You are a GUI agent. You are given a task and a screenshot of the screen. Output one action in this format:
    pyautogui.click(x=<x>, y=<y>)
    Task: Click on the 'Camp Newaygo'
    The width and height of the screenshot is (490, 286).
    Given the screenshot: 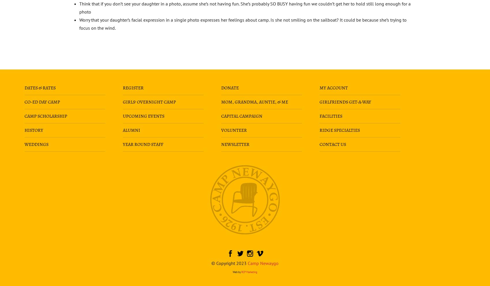 What is the action you would take?
    pyautogui.click(x=263, y=263)
    